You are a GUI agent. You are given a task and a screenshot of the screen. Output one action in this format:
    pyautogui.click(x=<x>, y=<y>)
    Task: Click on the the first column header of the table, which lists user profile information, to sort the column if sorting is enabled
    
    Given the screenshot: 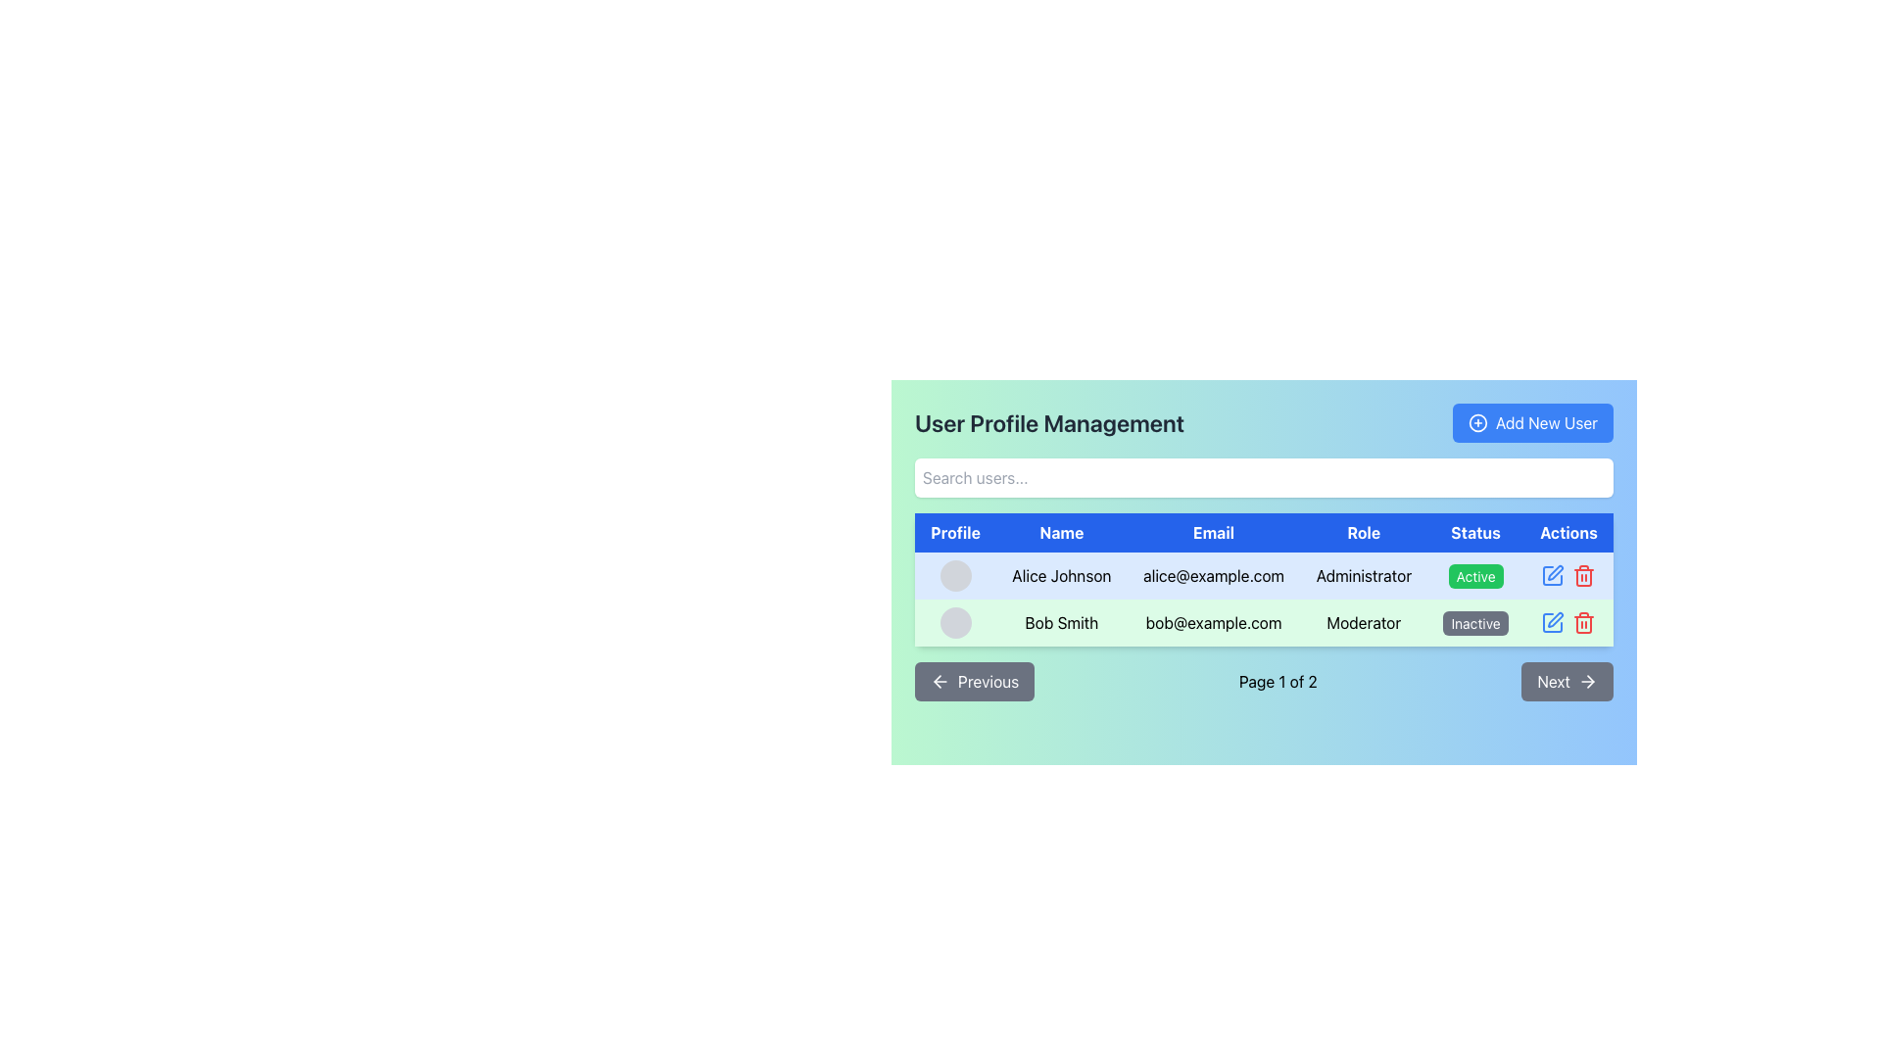 What is the action you would take?
    pyautogui.click(x=955, y=532)
    